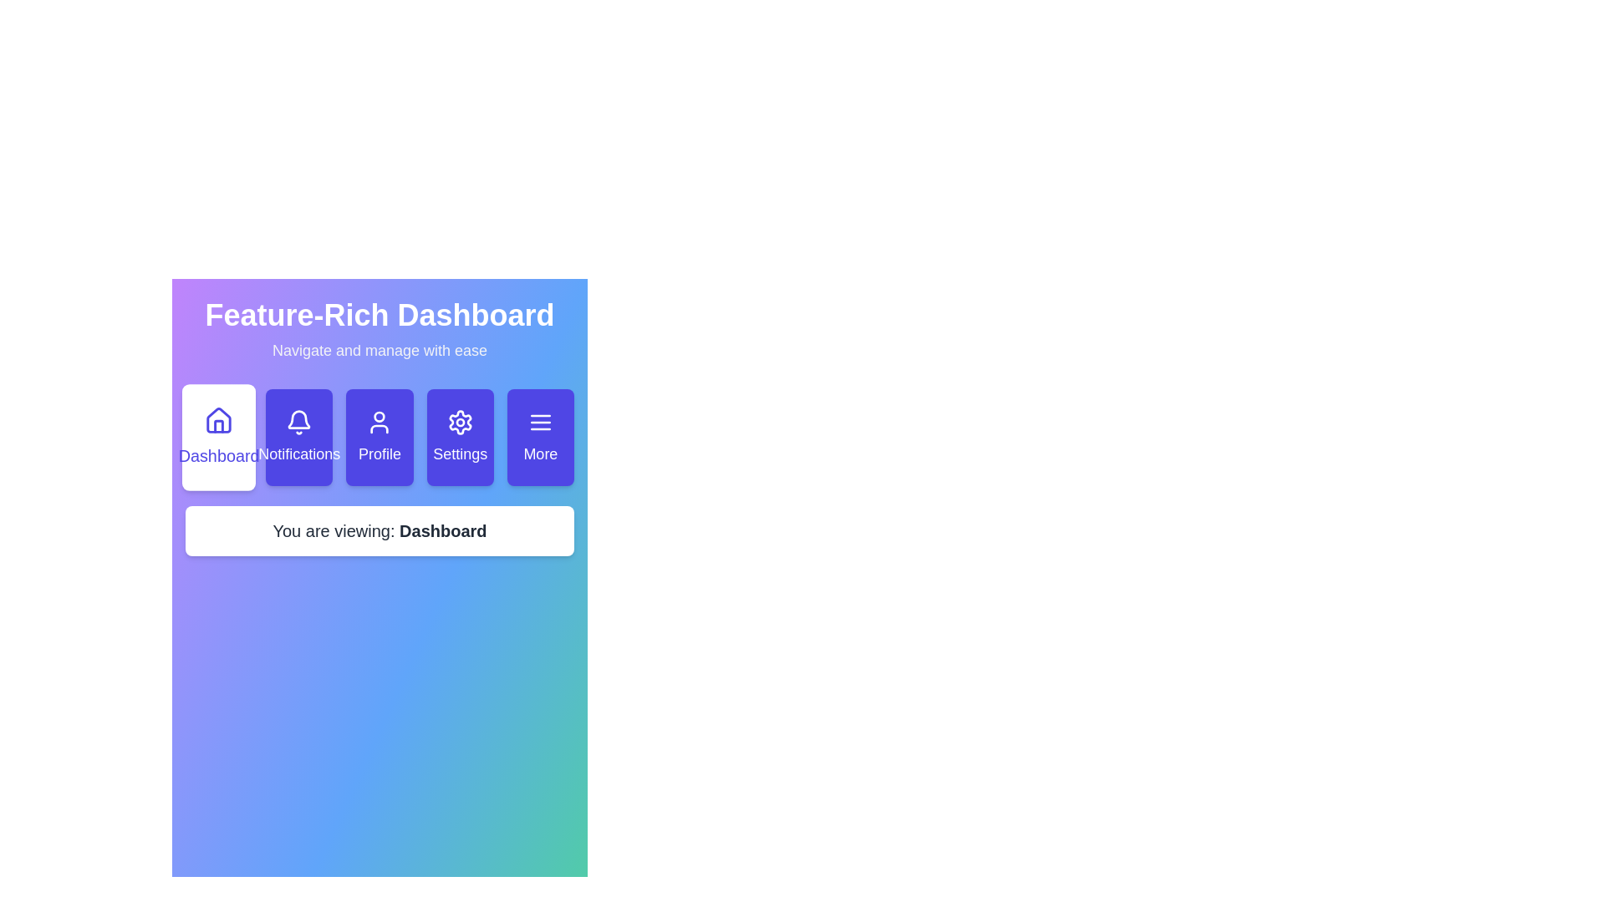  What do you see at coordinates (540, 454) in the screenshot?
I see `the 'More' text label, which is styled with a medium-sized font in white color and located inside a rounded rectangular button with an indigo background in the navigation grid` at bounding box center [540, 454].